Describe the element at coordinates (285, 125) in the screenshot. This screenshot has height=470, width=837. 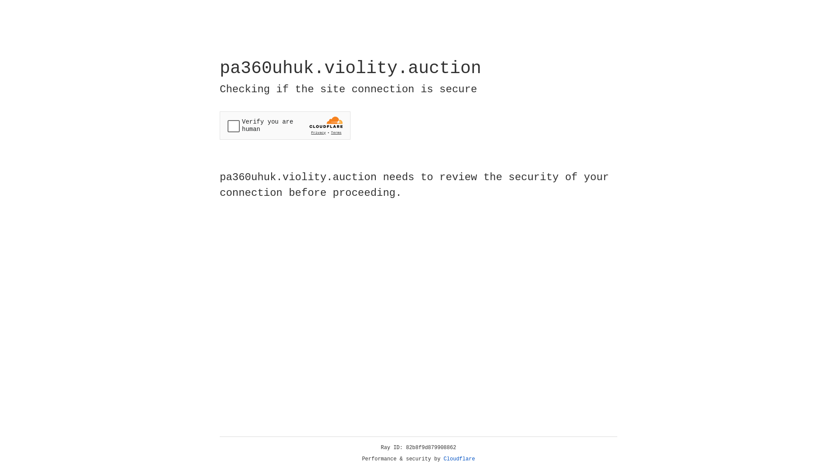
I see `'Widget containing a Cloudflare security challenge'` at that location.